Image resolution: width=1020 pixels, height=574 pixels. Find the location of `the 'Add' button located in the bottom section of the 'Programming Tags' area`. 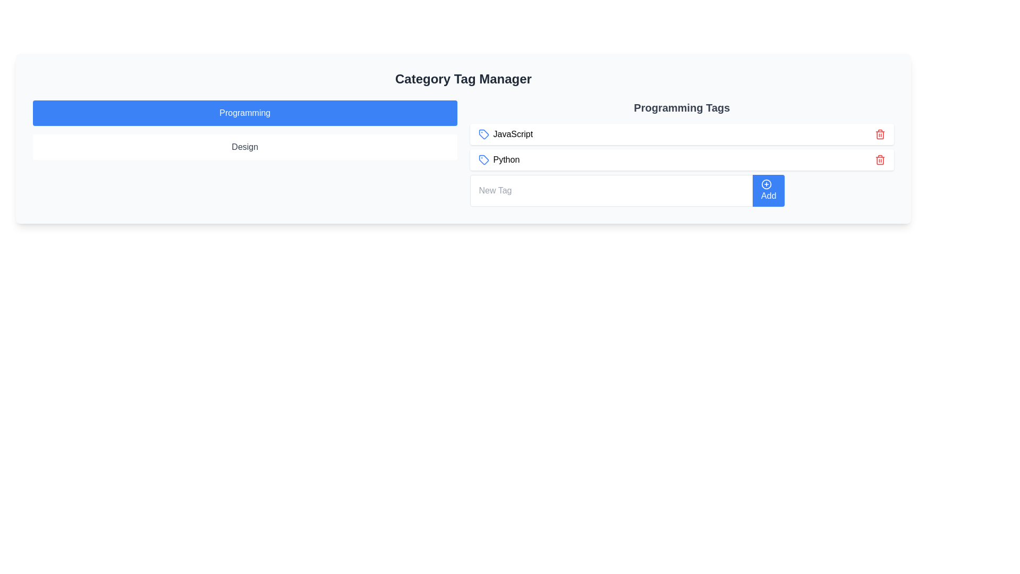

the 'Add' button located in the bottom section of the 'Programming Tags' area is located at coordinates (682, 190).